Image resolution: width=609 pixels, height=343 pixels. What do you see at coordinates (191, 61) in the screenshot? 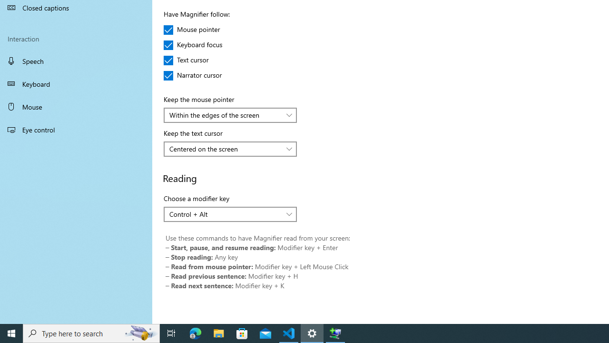
I see `'Text cursor'` at bounding box center [191, 61].